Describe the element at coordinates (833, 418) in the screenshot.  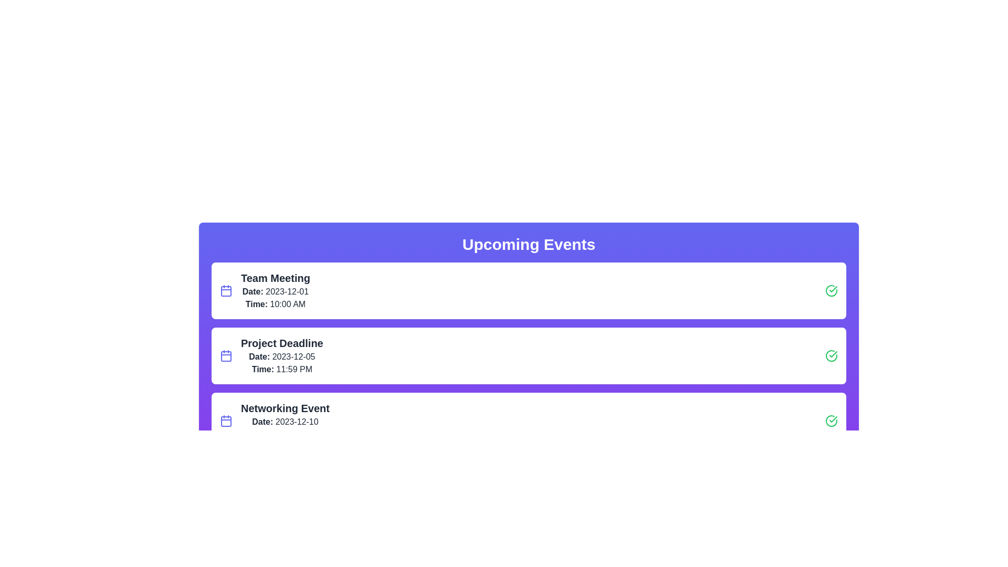
I see `the green checkmark icon indicating completion in the 'Networking Event' entry, located in the bottom-most visible event entry of the card` at that location.